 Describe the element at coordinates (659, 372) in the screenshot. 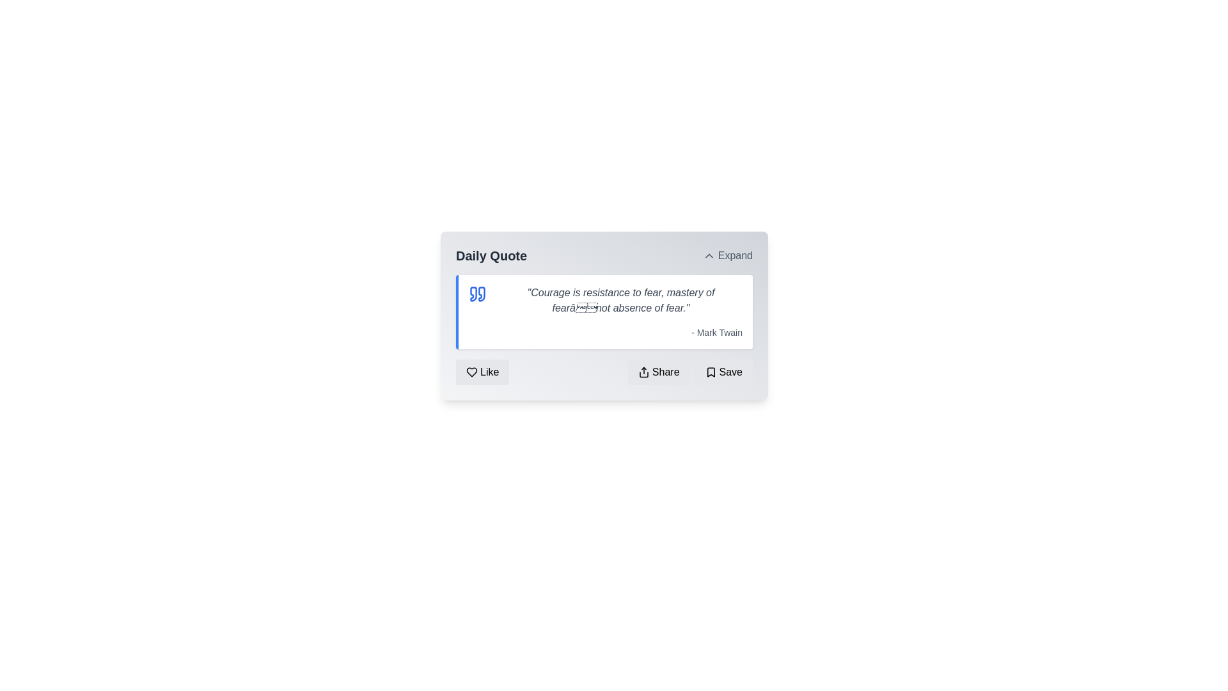

I see `the 'Share' button located at the bottom left of the card interface to share the content` at that location.